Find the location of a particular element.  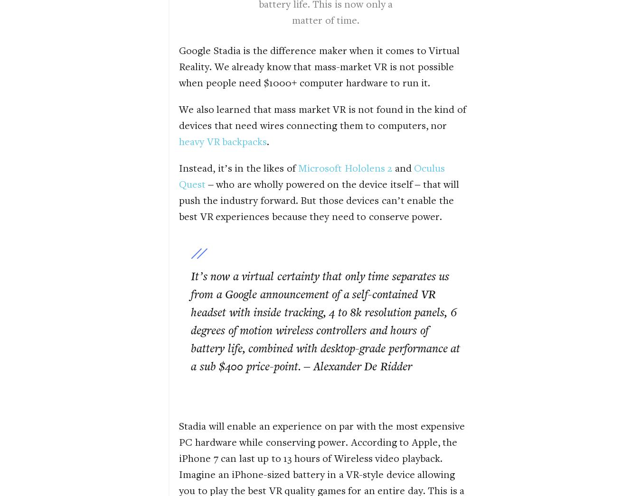

'and' is located at coordinates (403, 167).